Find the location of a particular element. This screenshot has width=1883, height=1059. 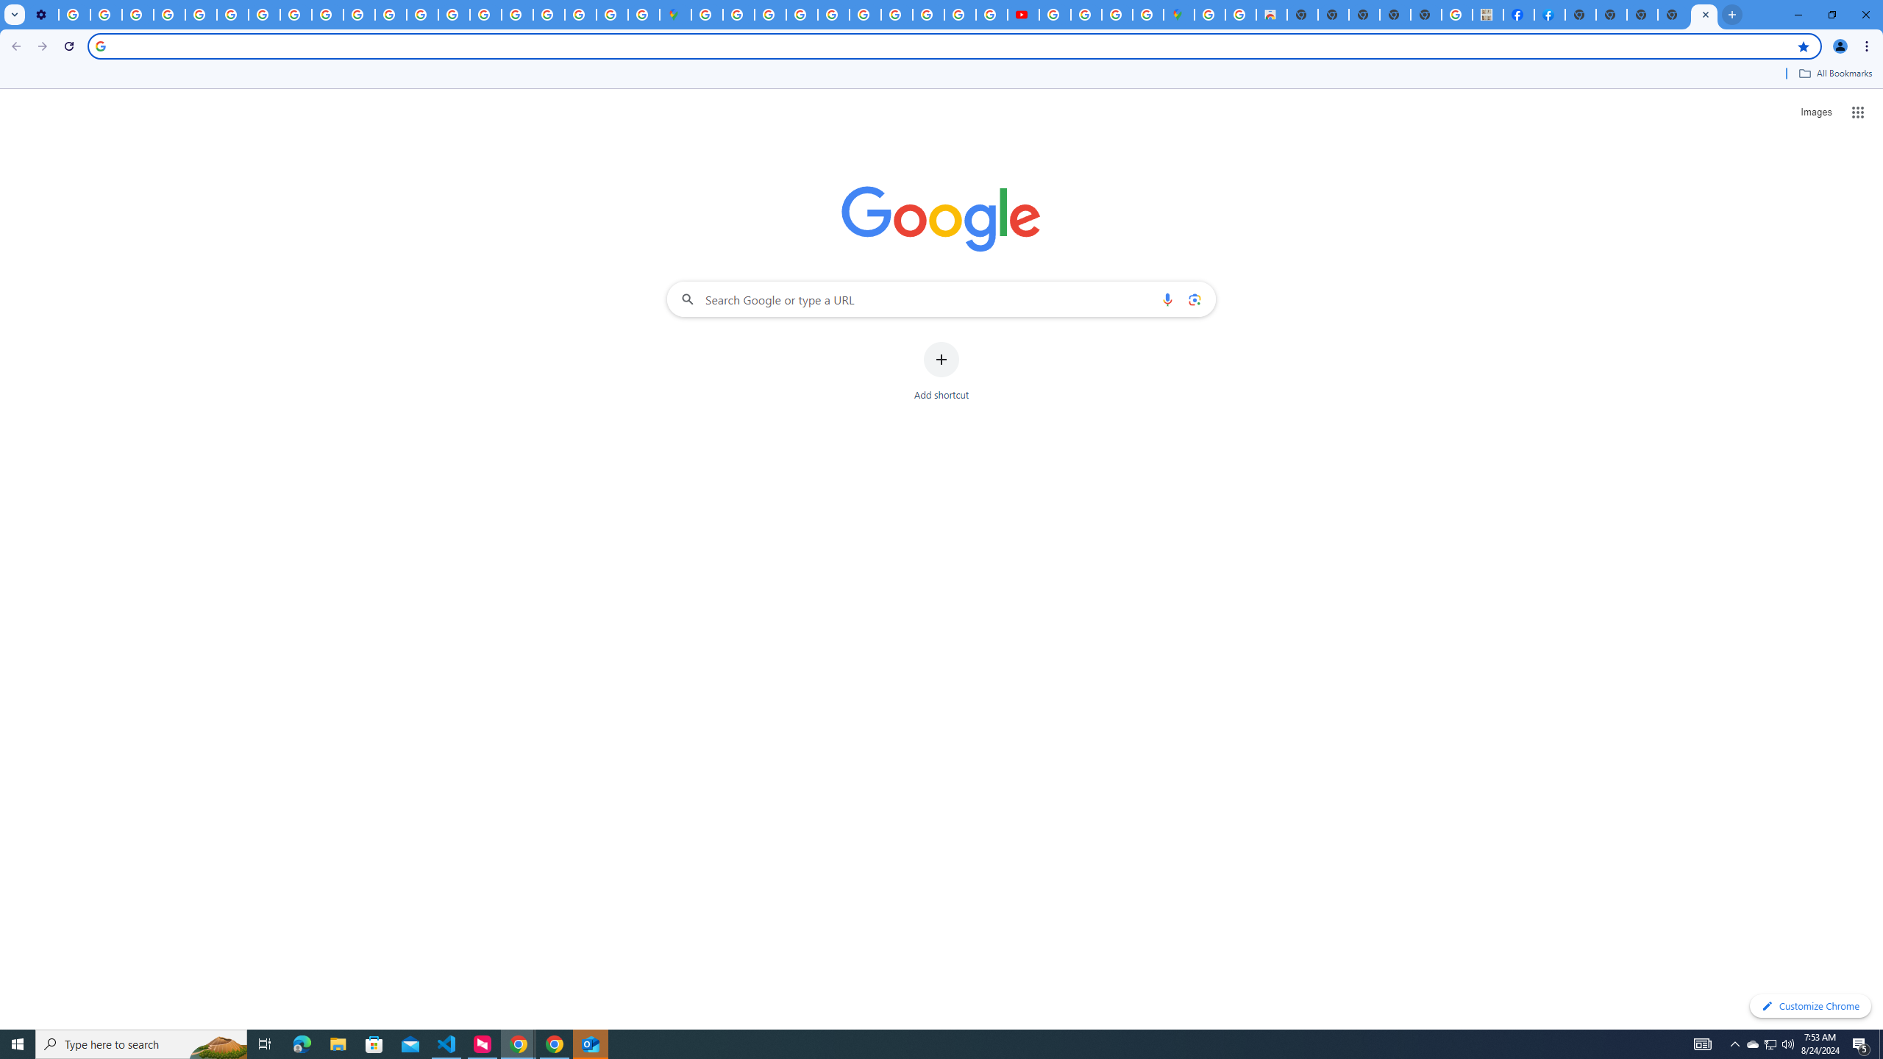

'Delete photos & videos - Computer - Google Photos Help' is located at coordinates (74, 14).